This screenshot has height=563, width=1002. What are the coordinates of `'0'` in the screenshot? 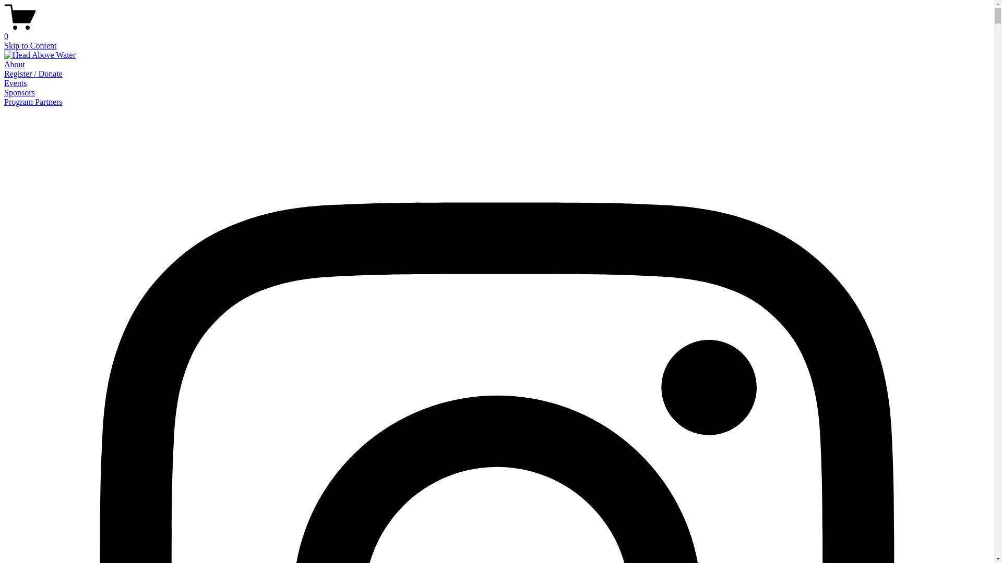 It's located at (496, 31).